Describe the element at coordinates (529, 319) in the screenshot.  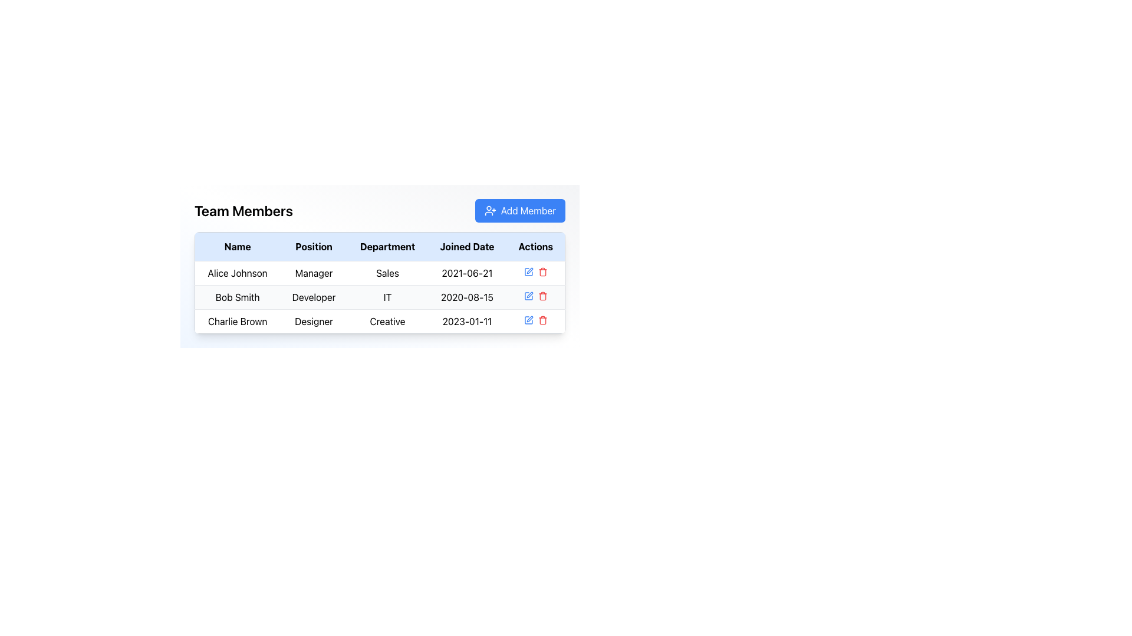
I see `the pen icon located in the 'Actions' column of the third row in the 'Team Members' table` at that location.